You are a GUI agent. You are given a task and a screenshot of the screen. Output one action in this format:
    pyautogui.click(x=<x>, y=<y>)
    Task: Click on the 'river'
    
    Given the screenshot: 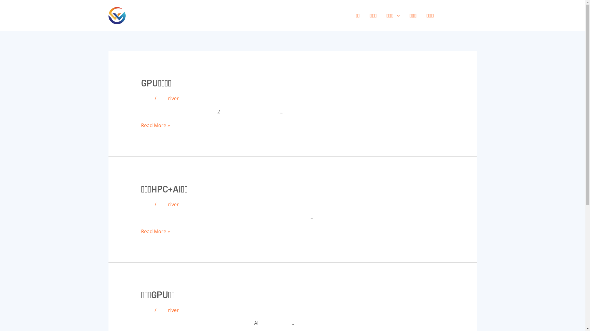 What is the action you would take?
    pyautogui.click(x=168, y=204)
    